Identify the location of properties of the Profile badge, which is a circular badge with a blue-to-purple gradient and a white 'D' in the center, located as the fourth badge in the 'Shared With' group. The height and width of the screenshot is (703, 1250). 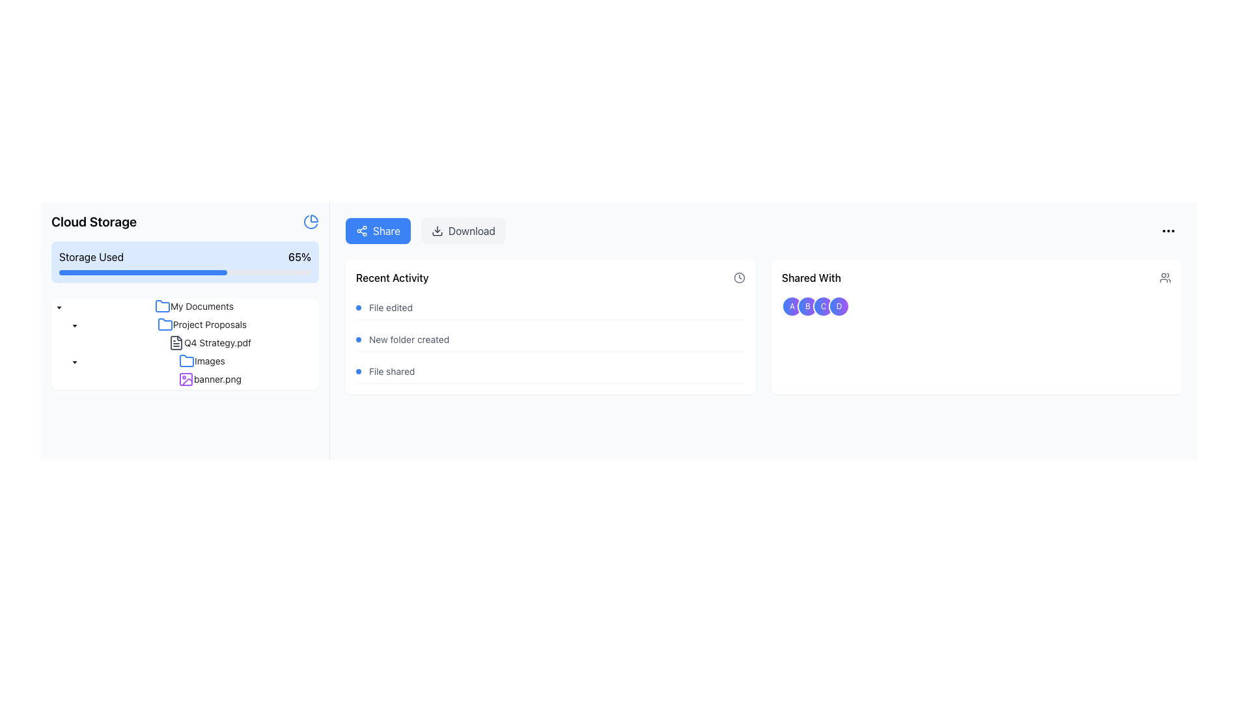
(839, 306).